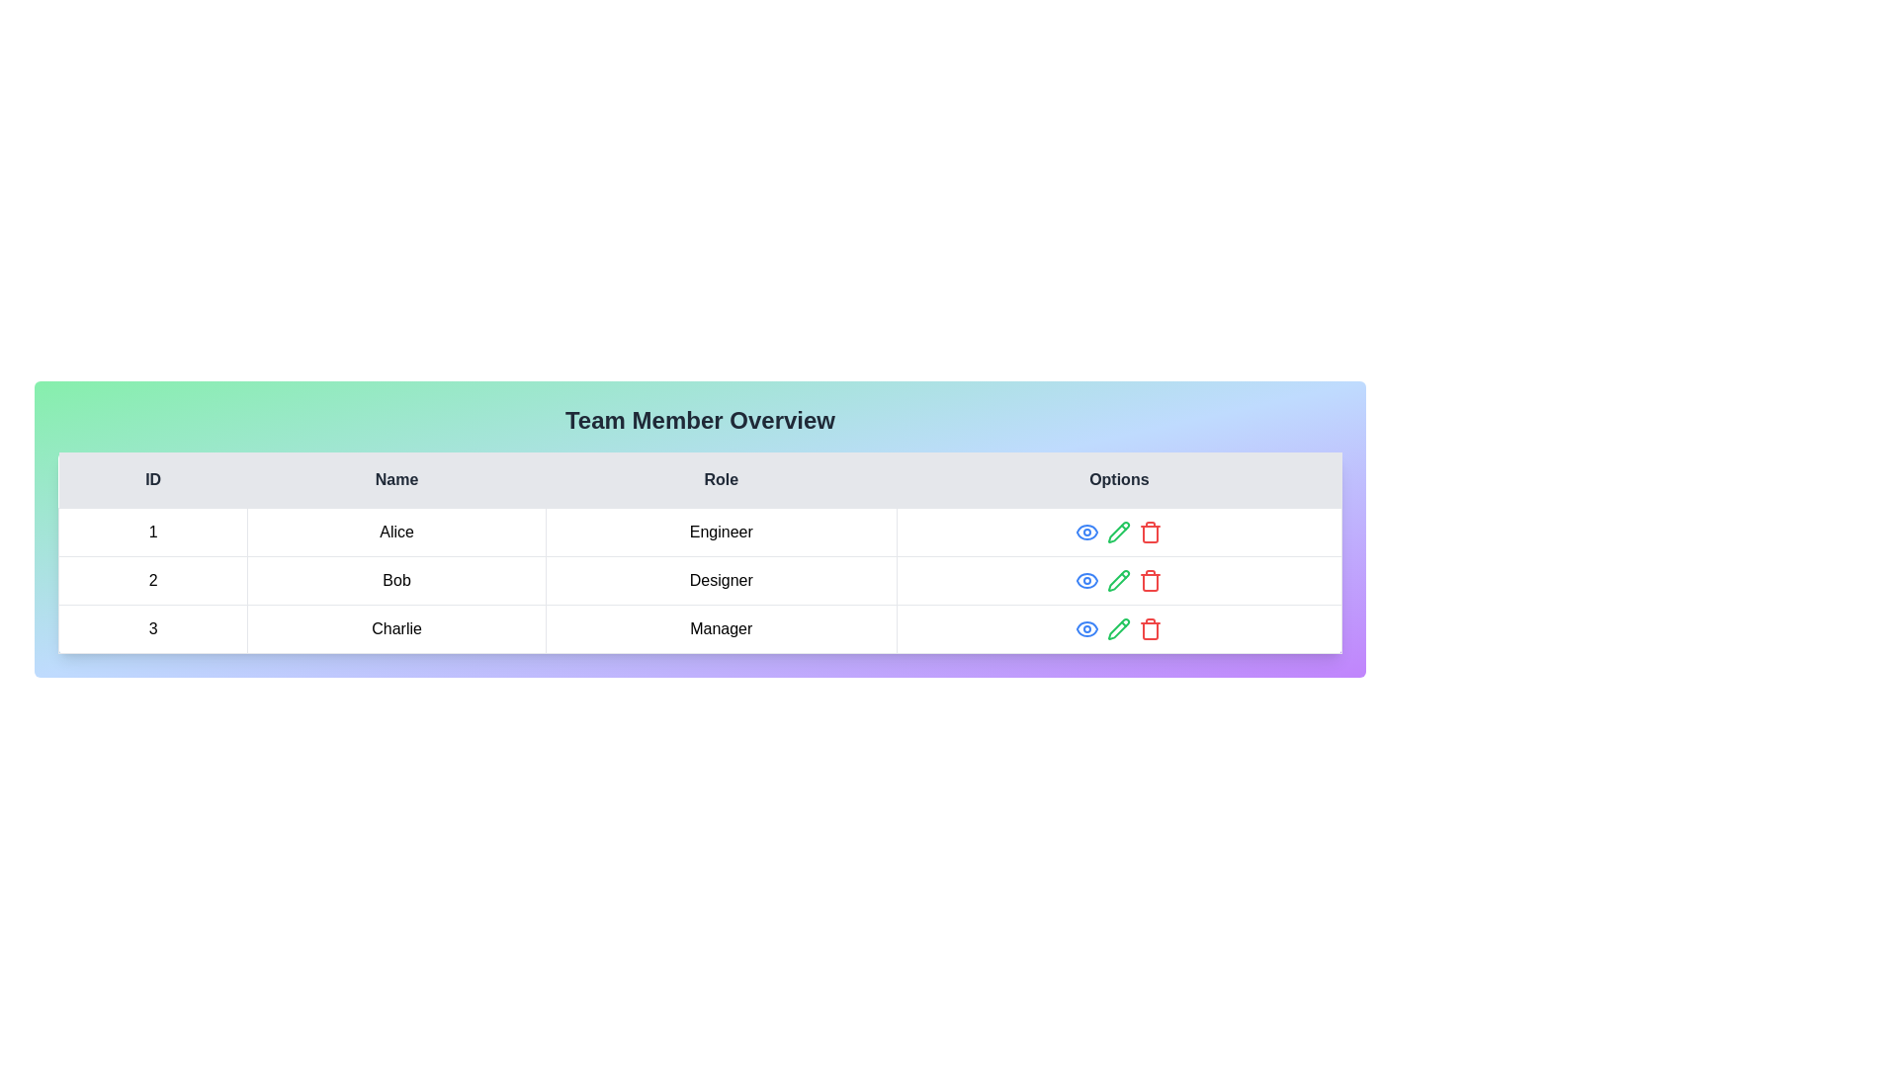  I want to click on the row corresponding to 3, so click(700, 628).